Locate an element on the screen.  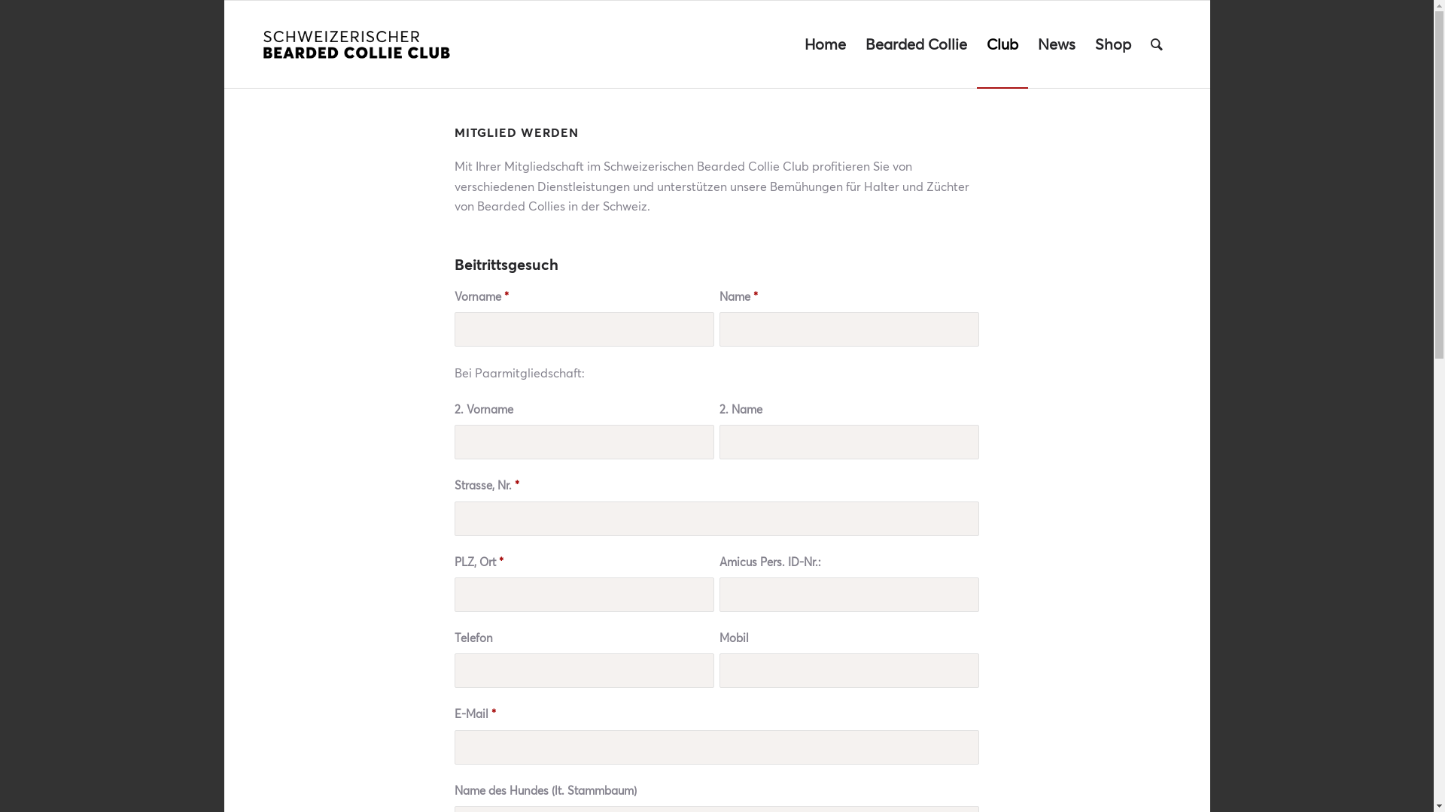
'Home' is located at coordinates (794, 43).